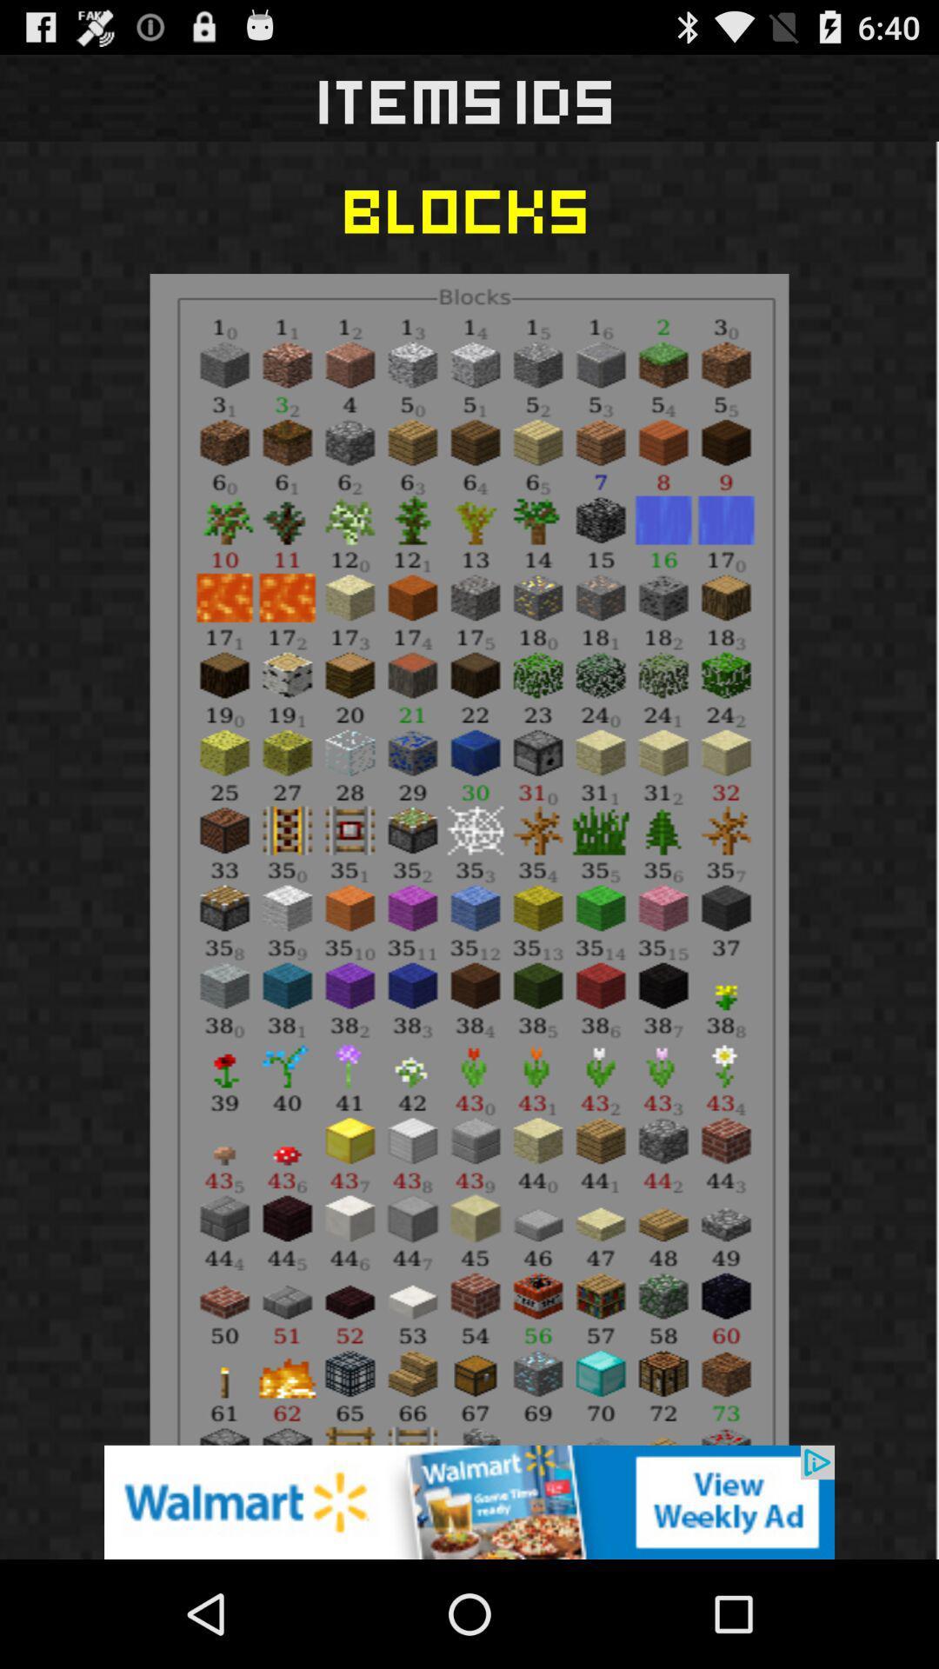 This screenshot has height=1669, width=939. Describe the element at coordinates (469, 1501) in the screenshot. I see `advertisement` at that location.